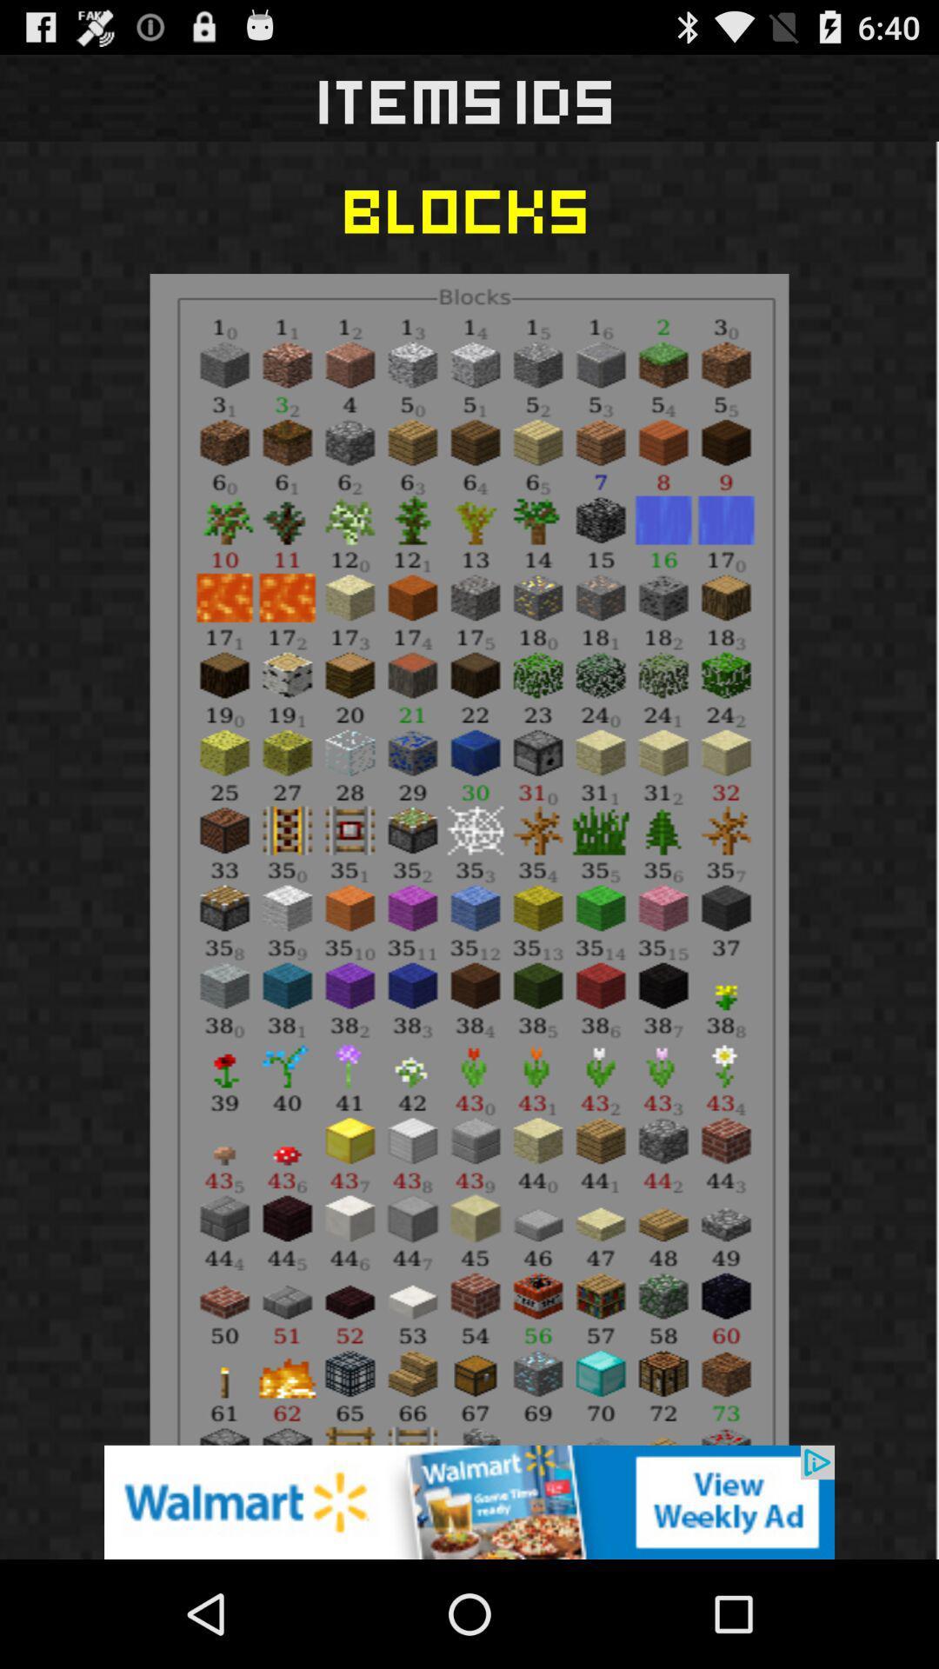 This screenshot has height=1669, width=939. Describe the element at coordinates (469, 1501) in the screenshot. I see `advertisement` at that location.